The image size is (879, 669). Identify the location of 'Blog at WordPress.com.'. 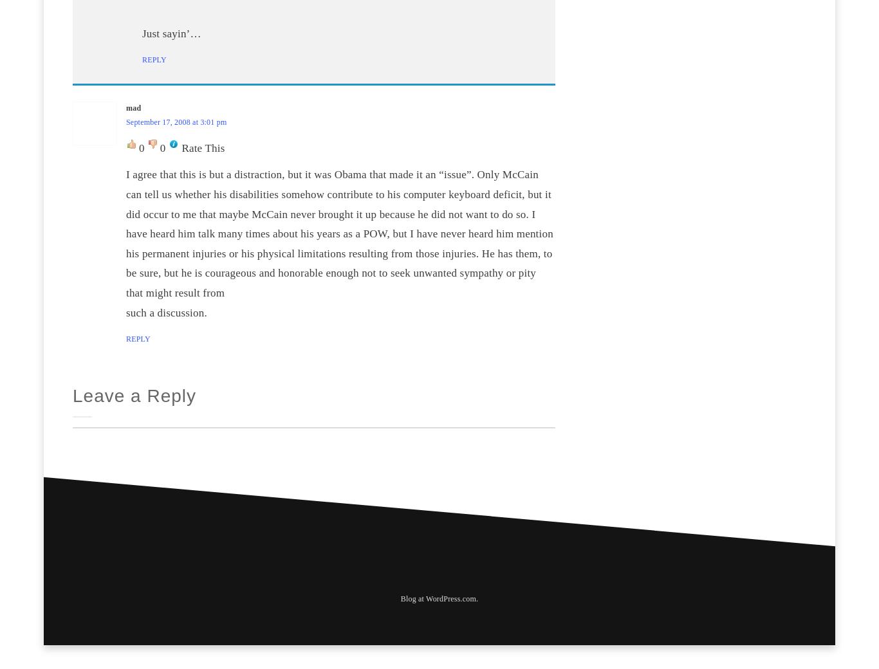
(399, 599).